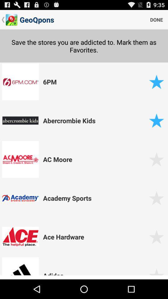  What do you see at coordinates (156, 198) in the screenshot?
I see `to favorite` at bounding box center [156, 198].